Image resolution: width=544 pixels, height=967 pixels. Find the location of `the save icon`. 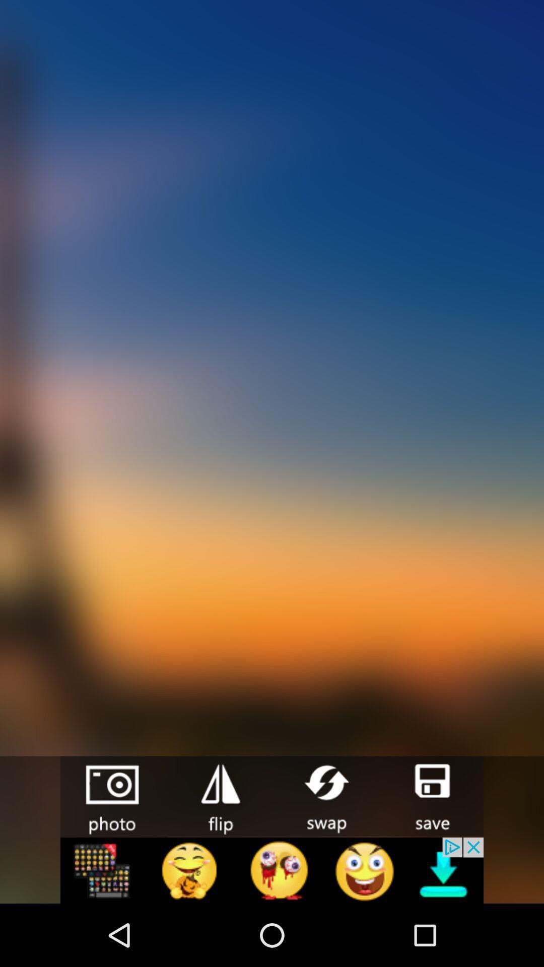

the save icon is located at coordinates (431, 852).